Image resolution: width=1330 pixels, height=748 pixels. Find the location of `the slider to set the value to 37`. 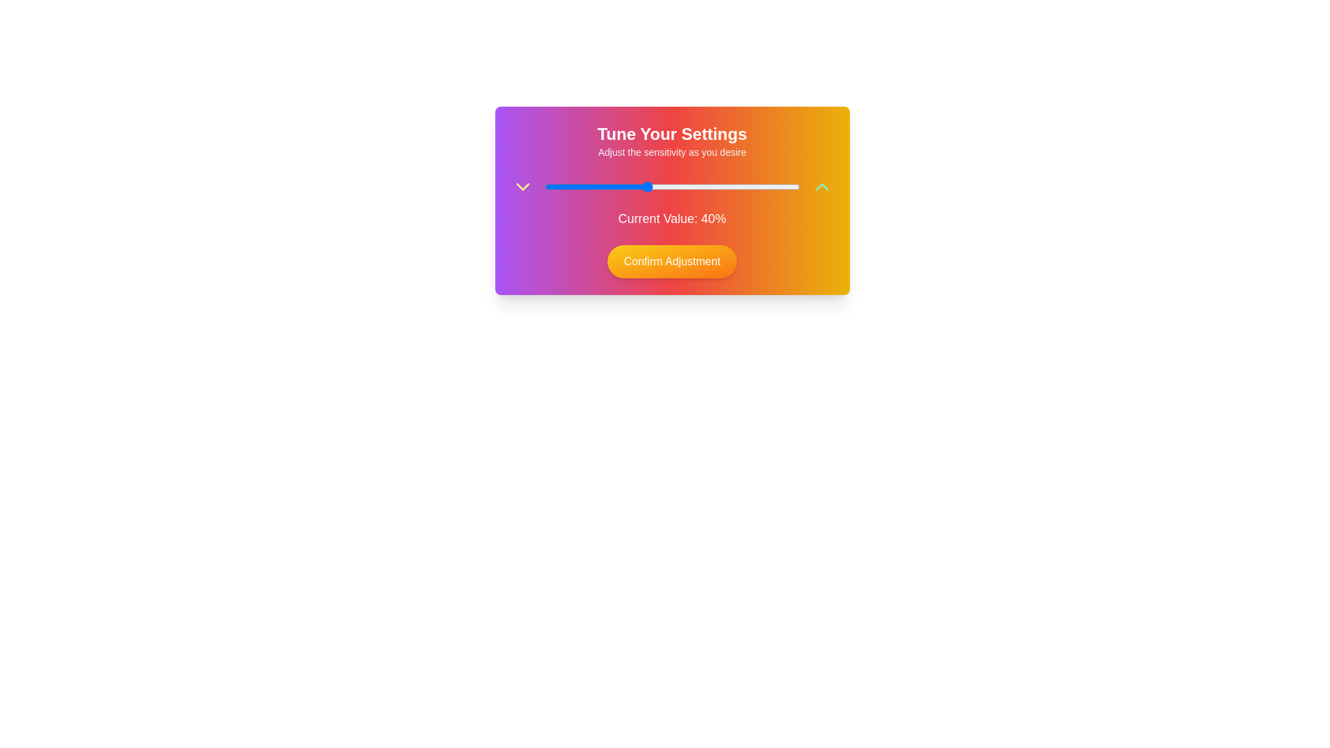

the slider to set the value to 37 is located at coordinates (638, 187).